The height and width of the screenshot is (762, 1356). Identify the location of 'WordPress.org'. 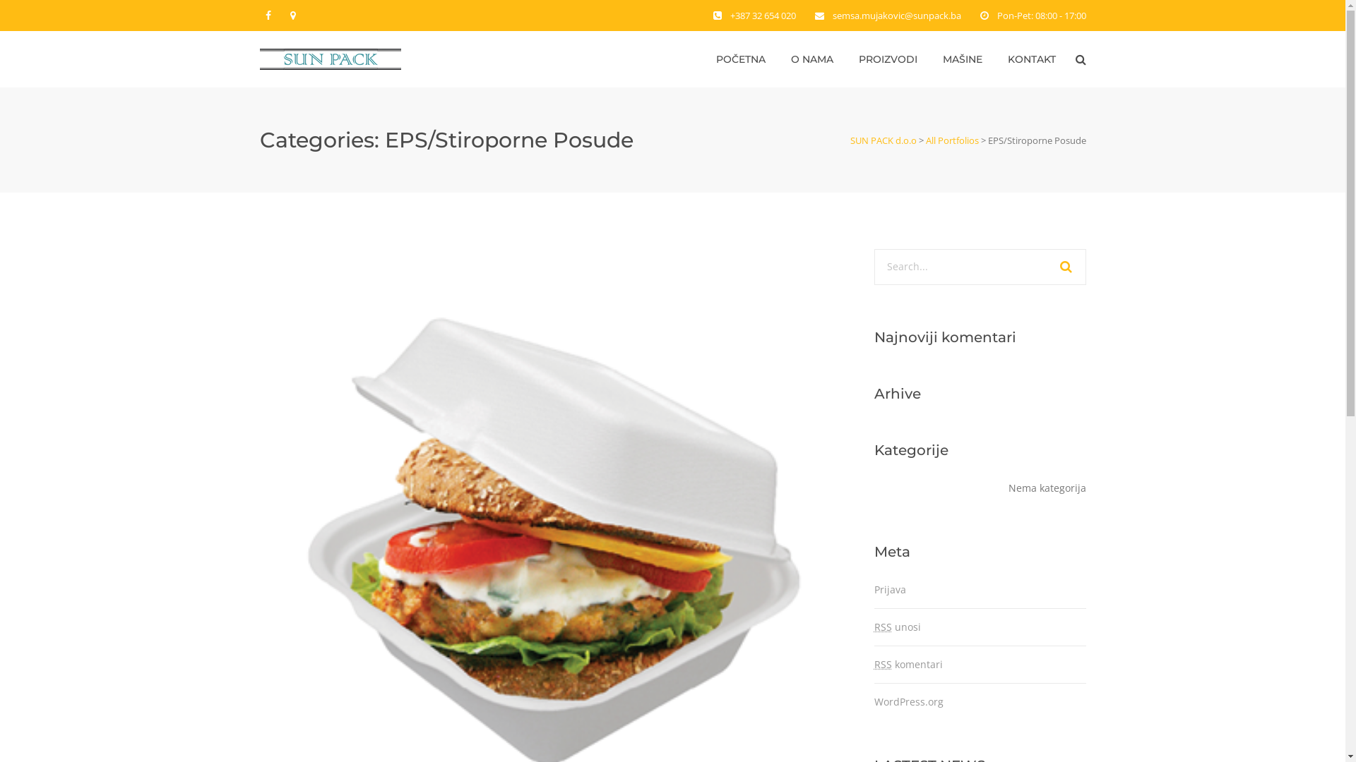
(908, 701).